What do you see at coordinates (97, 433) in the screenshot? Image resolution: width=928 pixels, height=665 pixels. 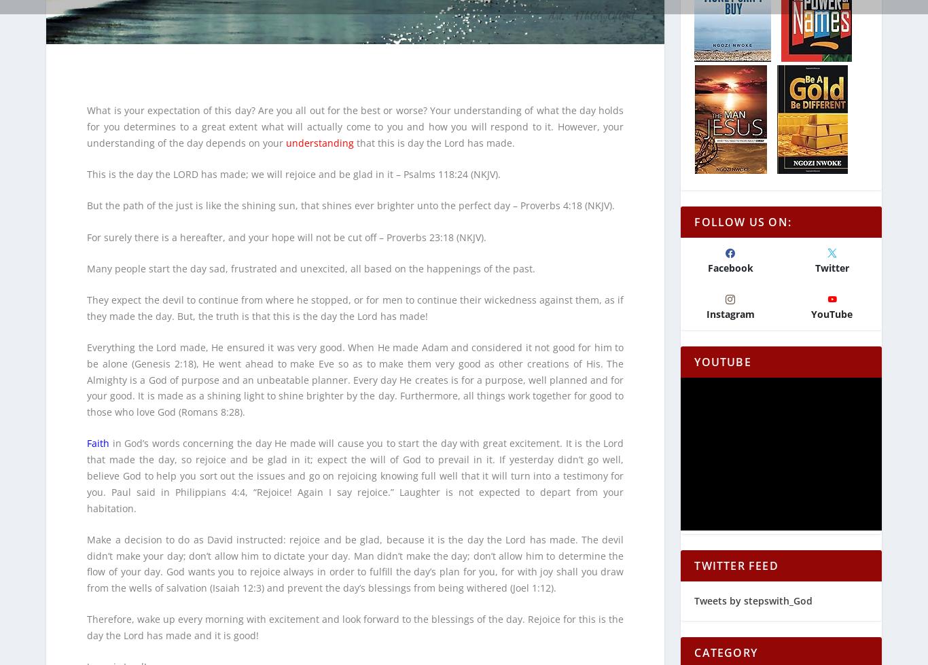 I see `'Faith'` at bounding box center [97, 433].